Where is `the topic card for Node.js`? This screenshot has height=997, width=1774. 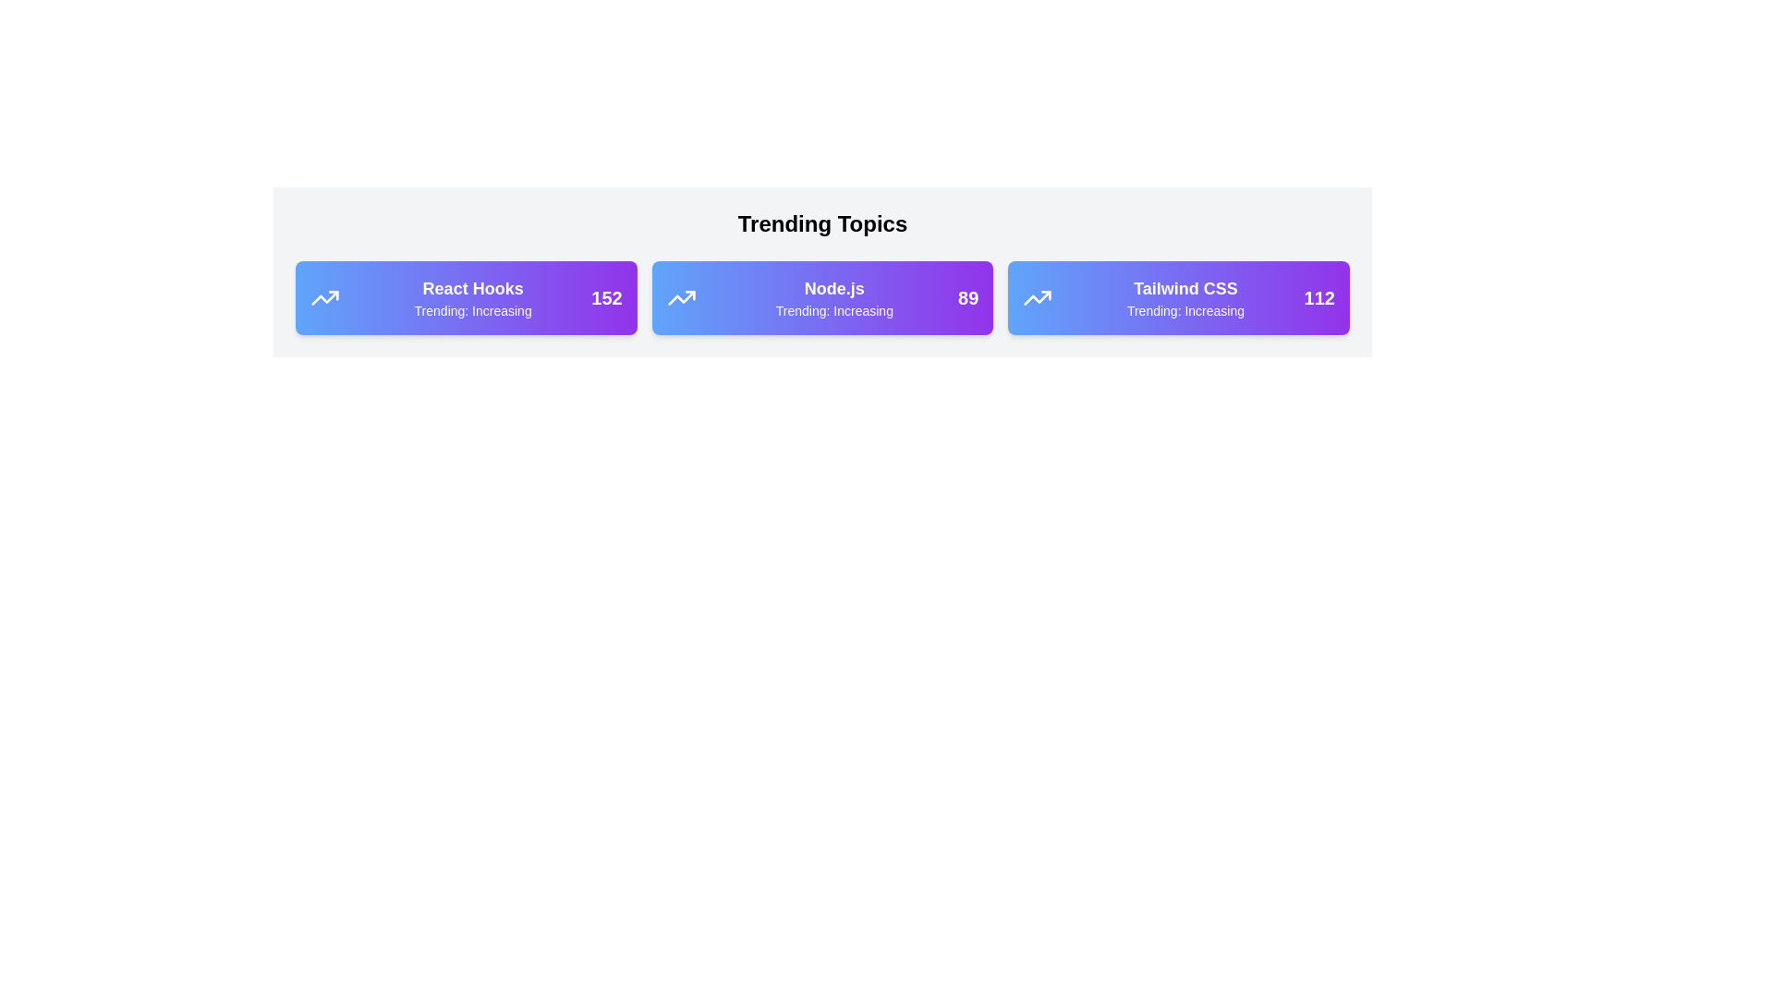 the topic card for Node.js is located at coordinates (821, 297).